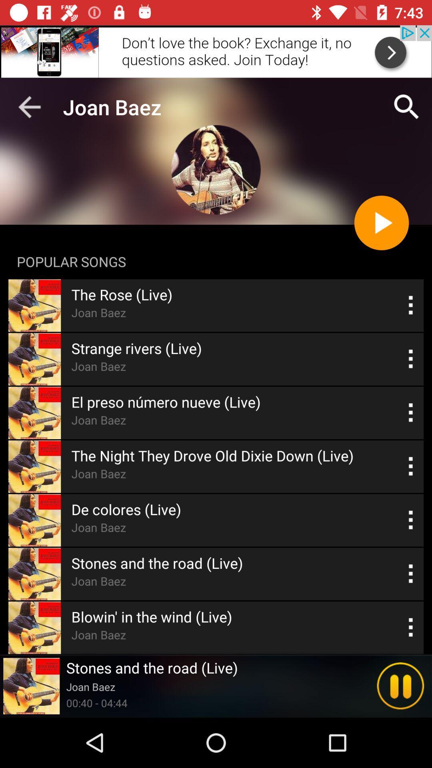 This screenshot has width=432, height=768. I want to click on the pause icon, so click(400, 686).